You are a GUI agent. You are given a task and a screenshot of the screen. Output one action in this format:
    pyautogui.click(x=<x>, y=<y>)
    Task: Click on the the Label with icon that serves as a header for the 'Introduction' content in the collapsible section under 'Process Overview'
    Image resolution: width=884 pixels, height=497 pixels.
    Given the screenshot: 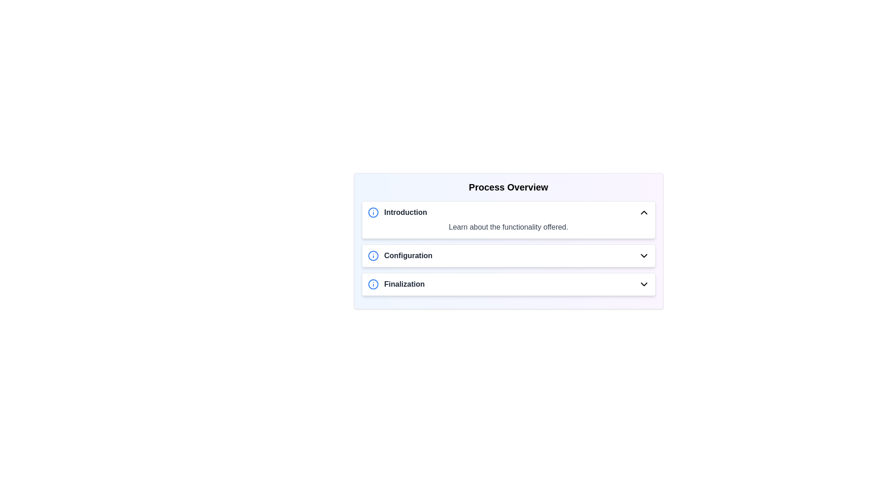 What is the action you would take?
    pyautogui.click(x=397, y=213)
    